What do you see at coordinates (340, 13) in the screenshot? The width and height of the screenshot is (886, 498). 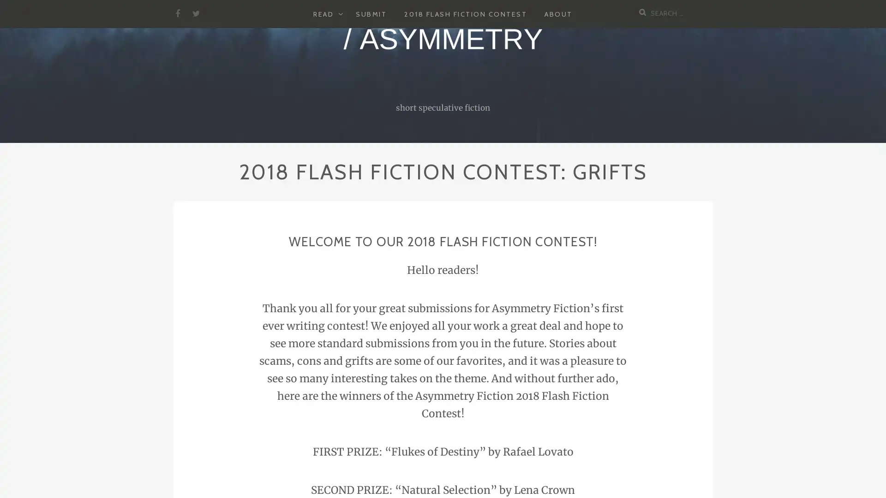 I see `EXPAND CHILD MENU` at bounding box center [340, 13].